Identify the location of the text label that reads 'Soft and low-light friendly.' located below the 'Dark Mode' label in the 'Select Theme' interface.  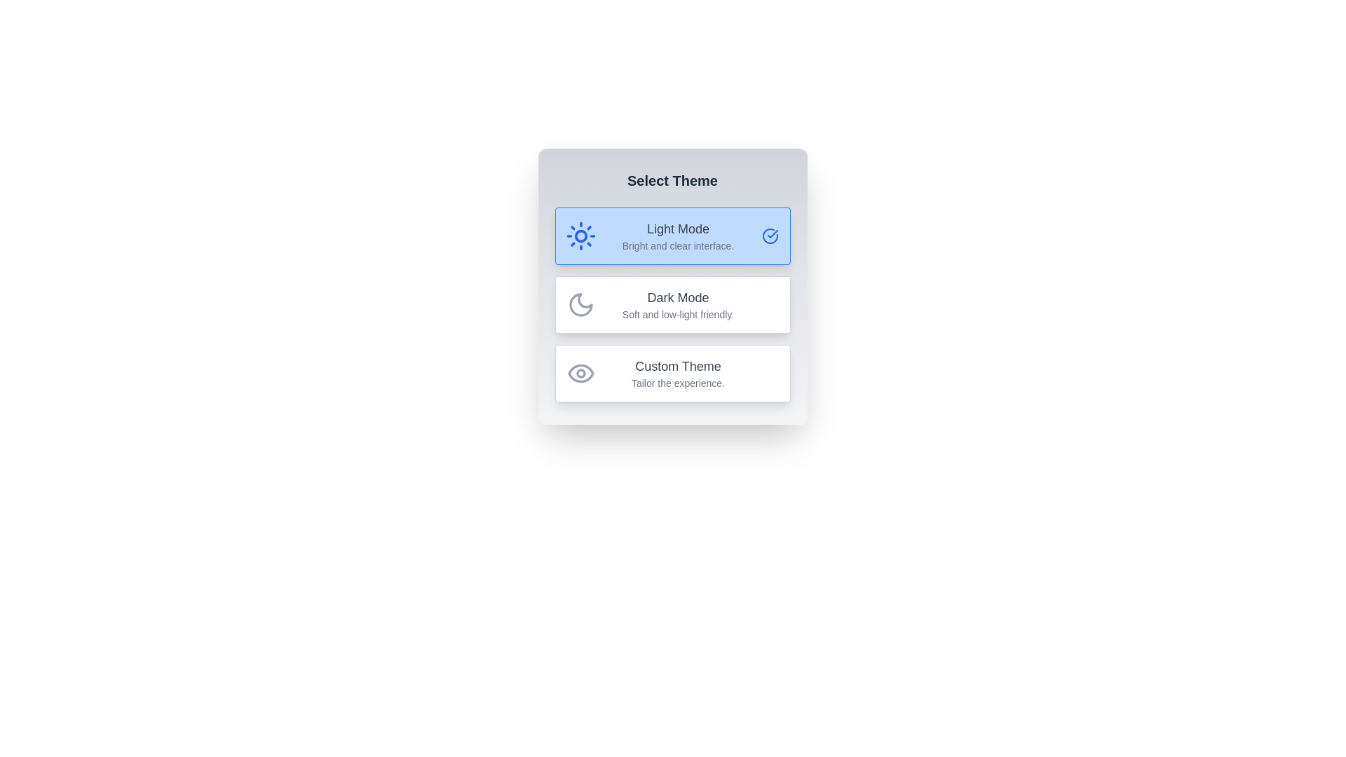
(678, 313).